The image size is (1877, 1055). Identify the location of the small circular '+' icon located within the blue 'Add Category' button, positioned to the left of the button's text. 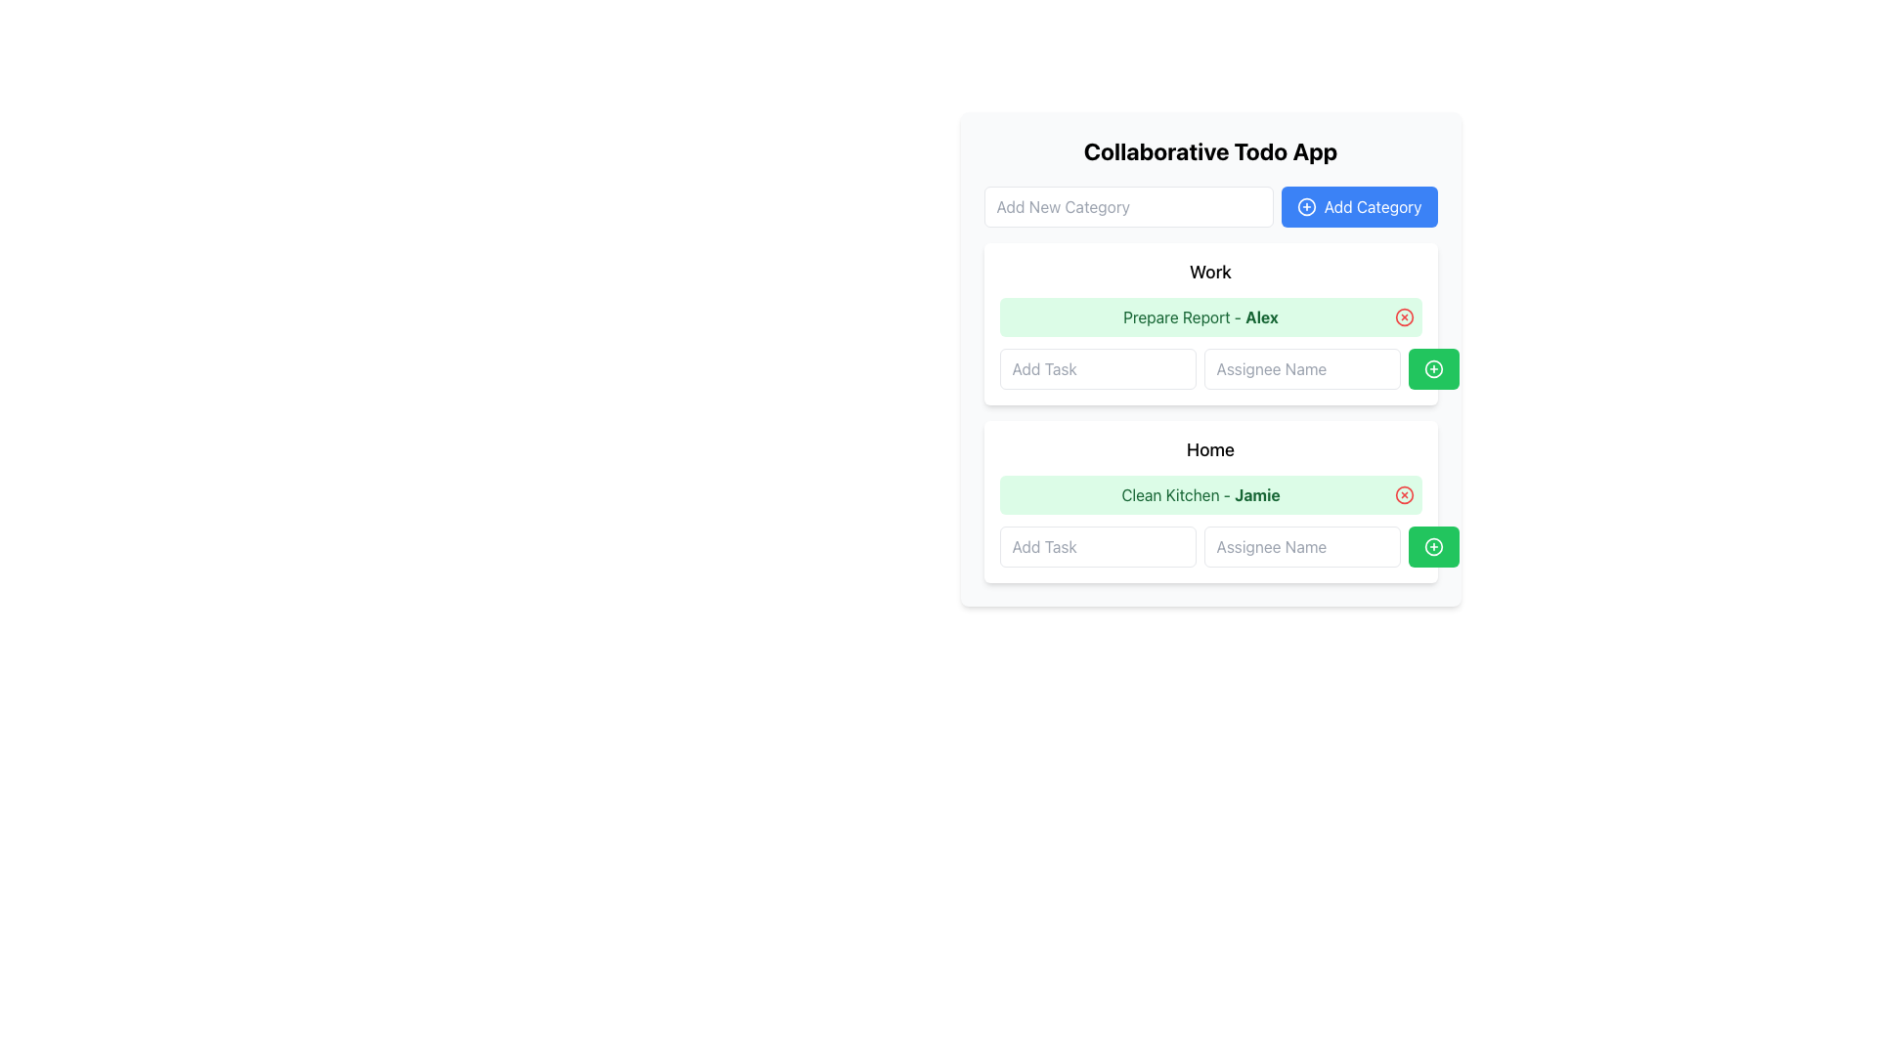
(1306, 207).